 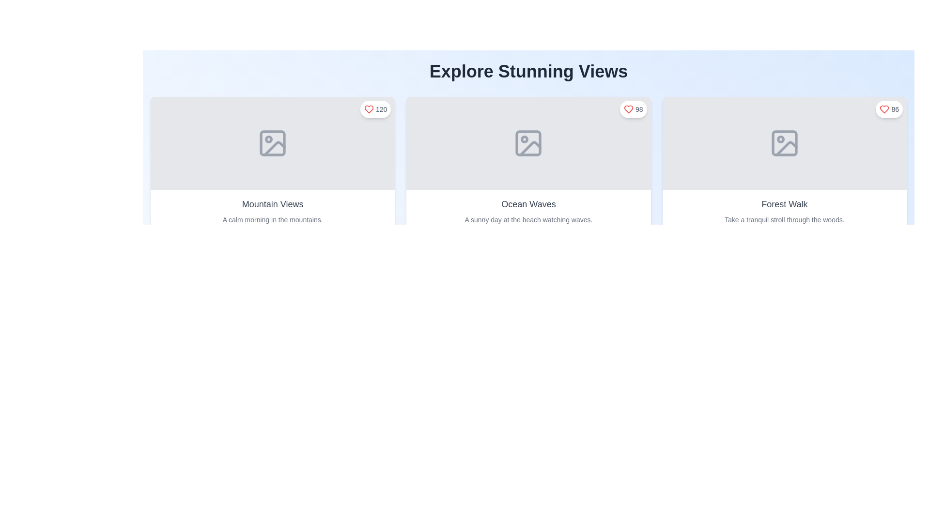 I want to click on the Label Section that contains the text 'Ocean Waves' and 'A sunny day at the beach watching waves', located within the middle card of three horizontal cards, so click(x=528, y=210).